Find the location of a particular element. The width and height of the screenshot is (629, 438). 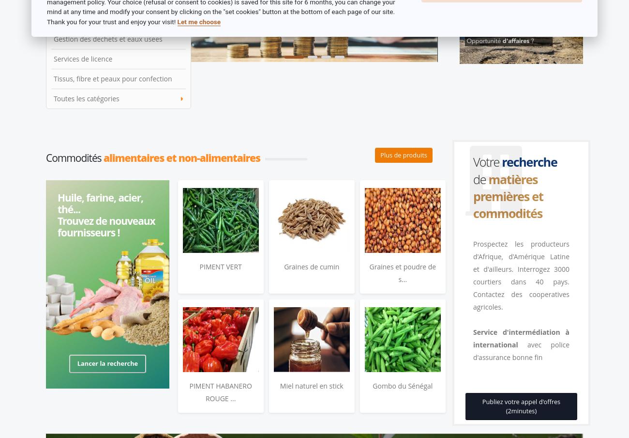

'Gestion des dechets et eaux usees' is located at coordinates (107, 39).